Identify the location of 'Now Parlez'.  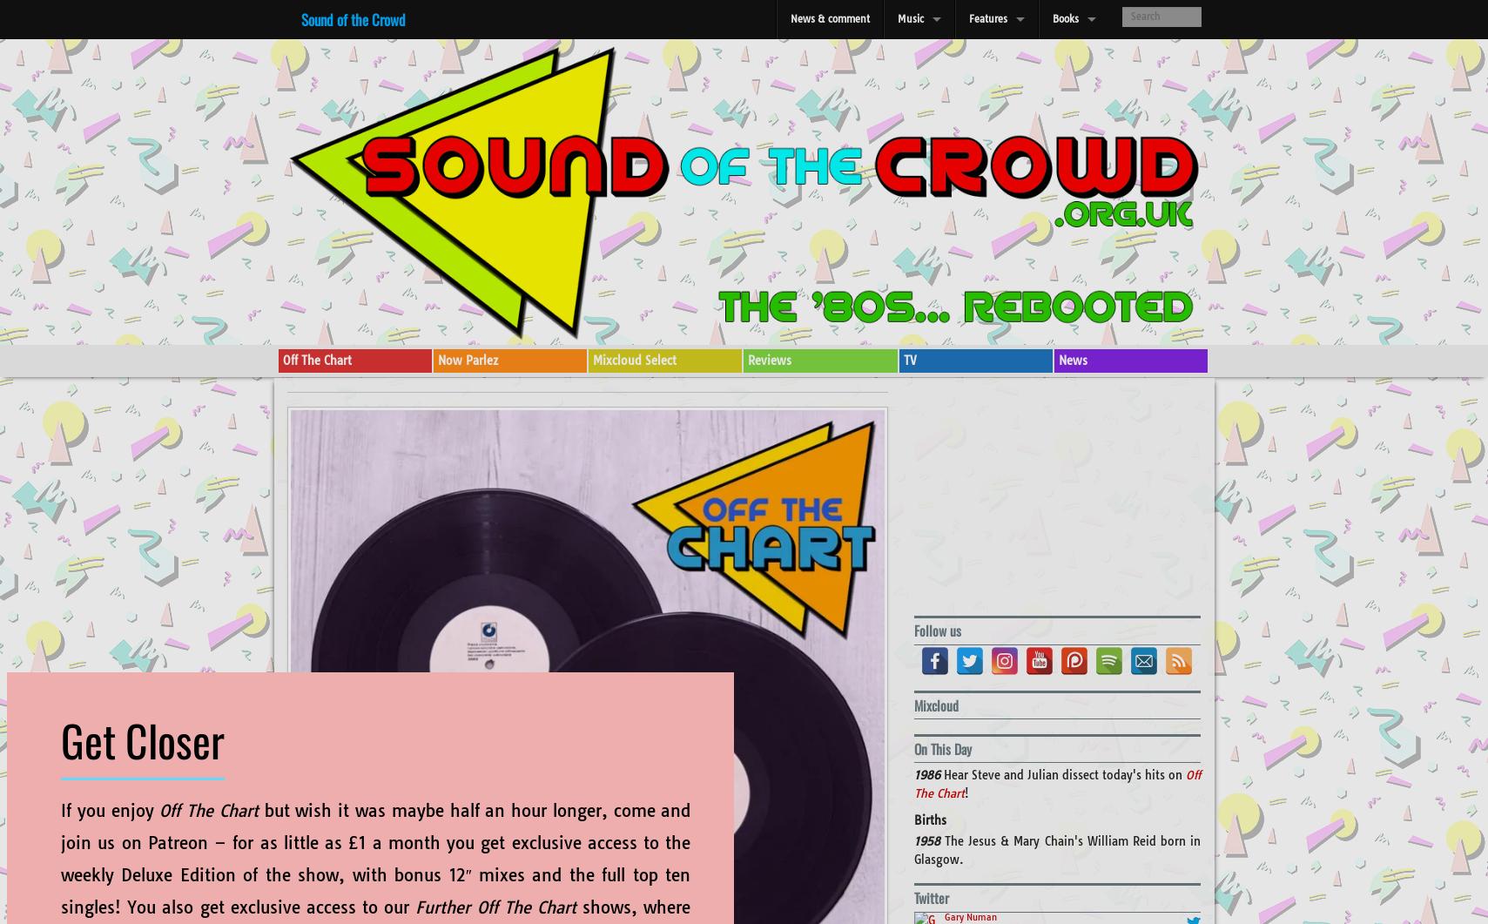
(466, 361).